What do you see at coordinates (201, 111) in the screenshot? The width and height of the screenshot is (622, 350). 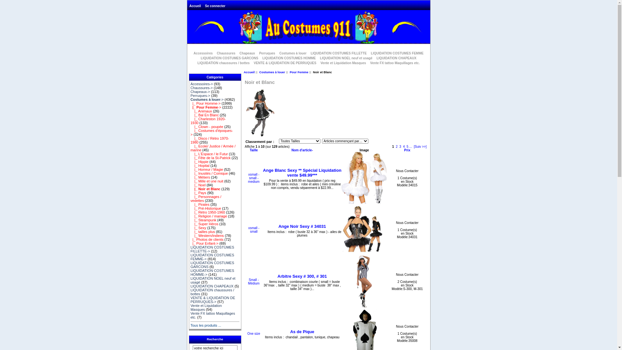 I see `'    |_ Animaux'` at bounding box center [201, 111].